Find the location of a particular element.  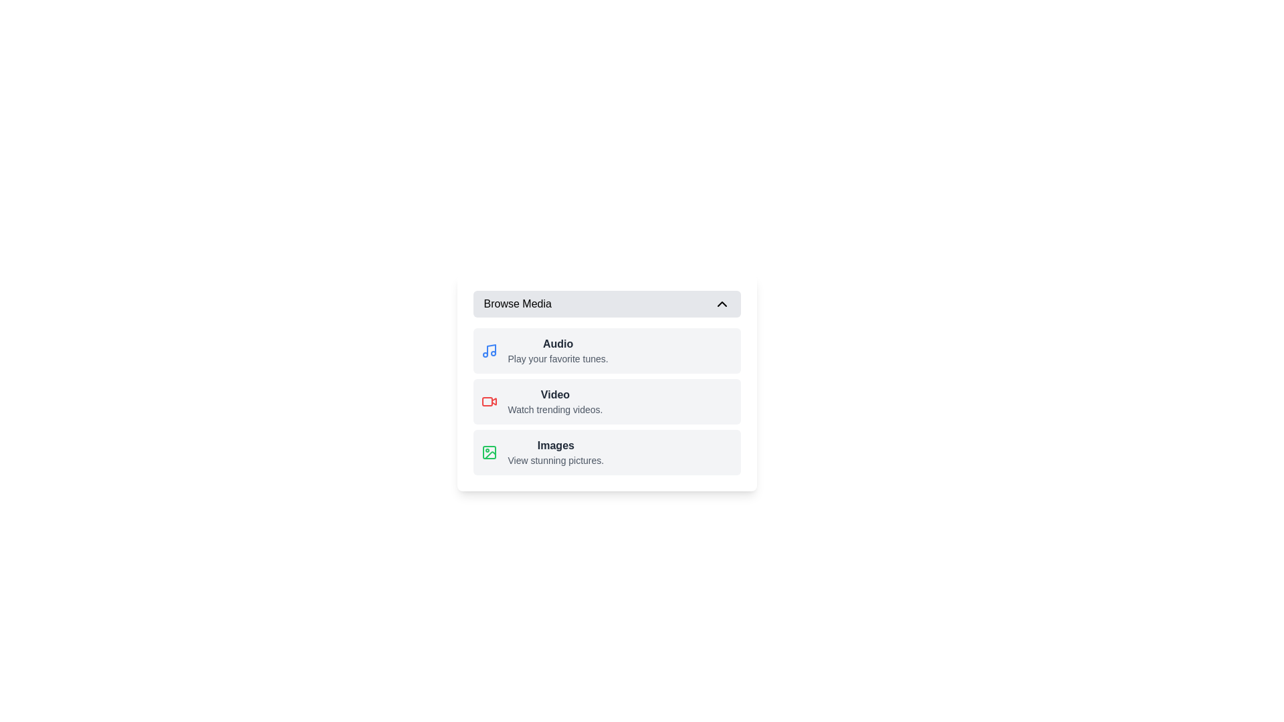

the descriptive subtitle for the 'Audio' category located within the 'Browse Media' section is located at coordinates (558, 358).